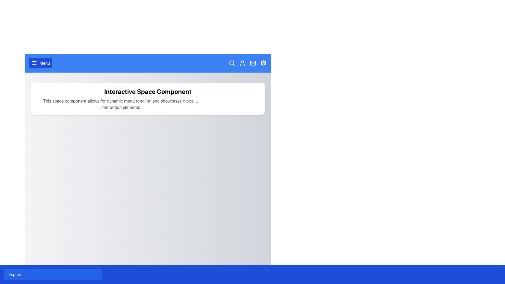 The height and width of the screenshot is (284, 505). I want to click on the menu toggle button located in the top blue header section on the leftmost side, so click(40, 63).